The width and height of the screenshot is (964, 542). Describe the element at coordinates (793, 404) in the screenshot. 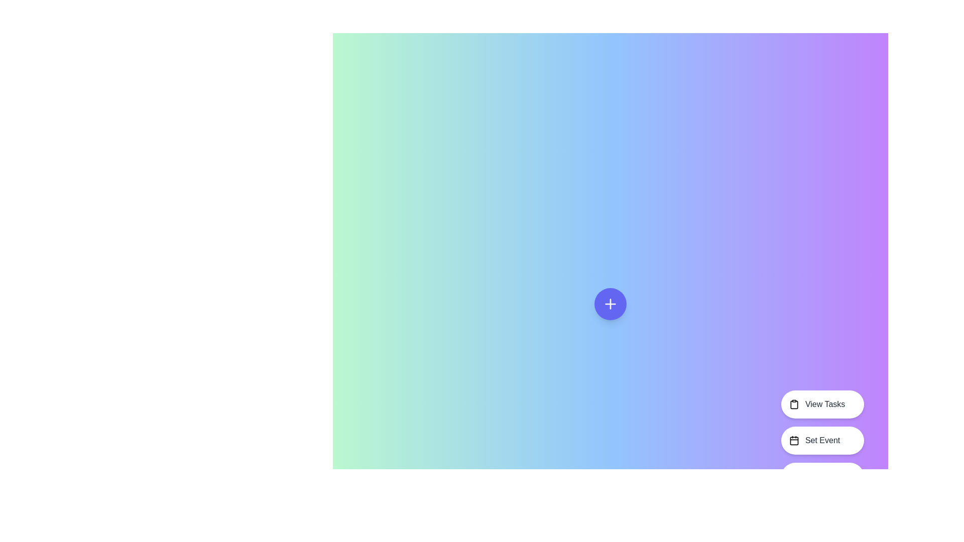

I see `the clipboard icon located in the bottom-right corner of the interface, next to the 'View Tasks' button` at that location.